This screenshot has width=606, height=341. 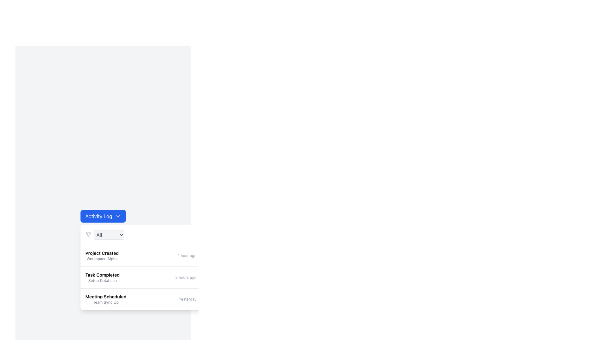 What do you see at coordinates (102, 275) in the screenshot?
I see `the informational text label that serves as the title of the second entry in the timeline, located between 'Project Created' and 'Meeting Scheduled'` at bounding box center [102, 275].